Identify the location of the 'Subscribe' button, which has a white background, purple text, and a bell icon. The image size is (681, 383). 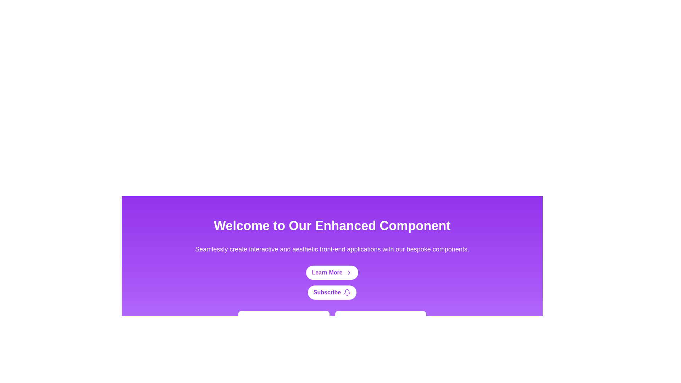
(332, 293).